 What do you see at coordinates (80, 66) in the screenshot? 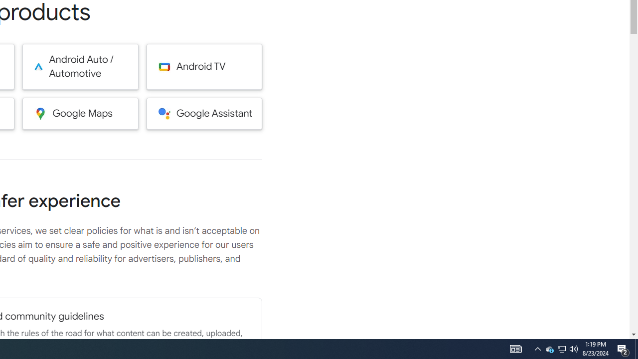
I see `'Android Auto / Automotive'` at bounding box center [80, 66].